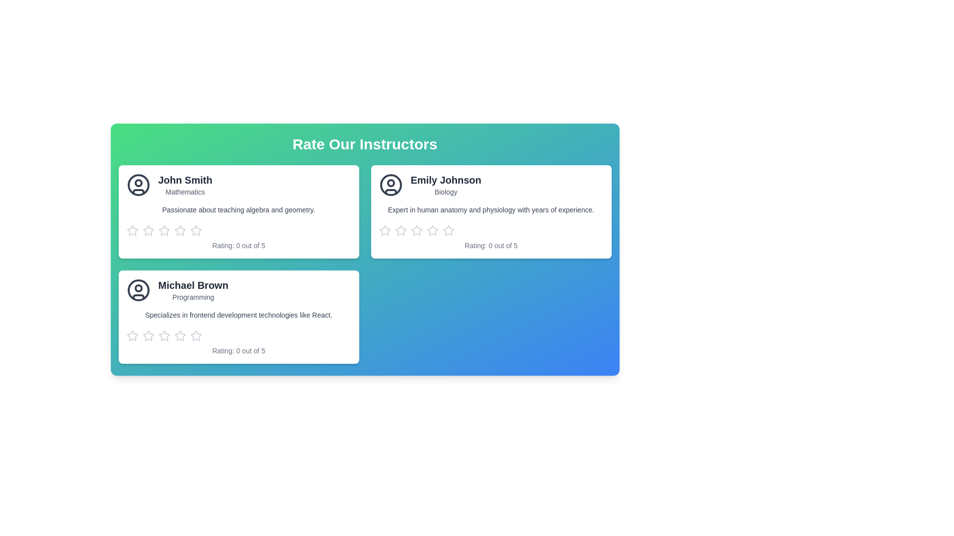 The width and height of the screenshot is (954, 536). What do you see at coordinates (138, 185) in the screenshot?
I see `the SVG Circle representing John Smith's profile image` at bounding box center [138, 185].